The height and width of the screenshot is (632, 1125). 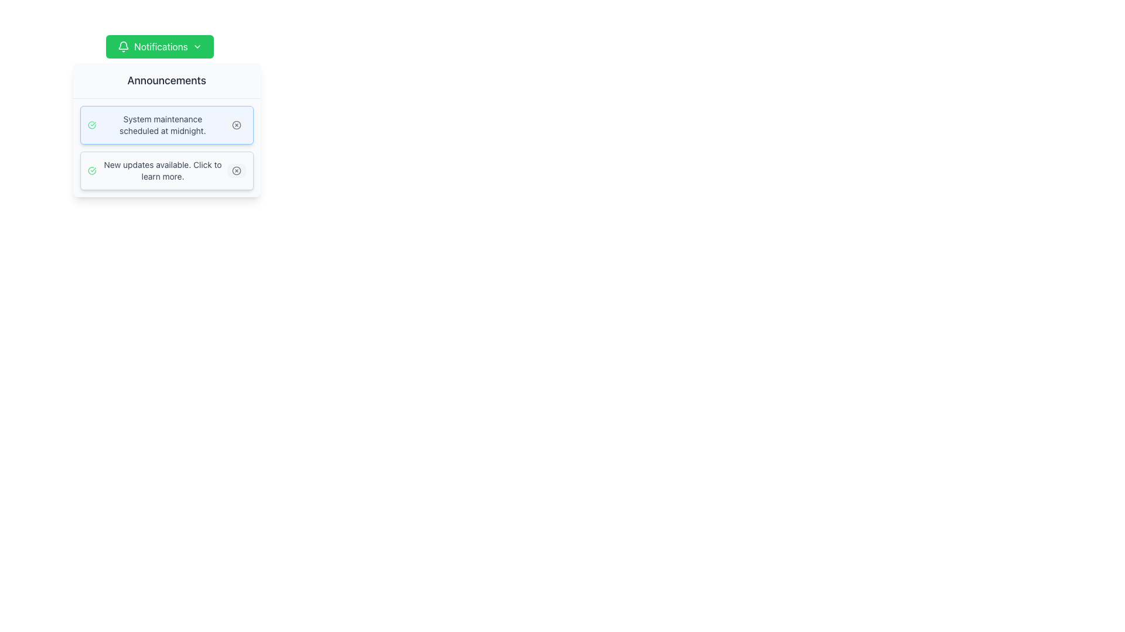 I want to click on the dismissal button located at the rightmost side of the notification displaying 'System maintenance scheduled at midnight.', so click(x=236, y=125).